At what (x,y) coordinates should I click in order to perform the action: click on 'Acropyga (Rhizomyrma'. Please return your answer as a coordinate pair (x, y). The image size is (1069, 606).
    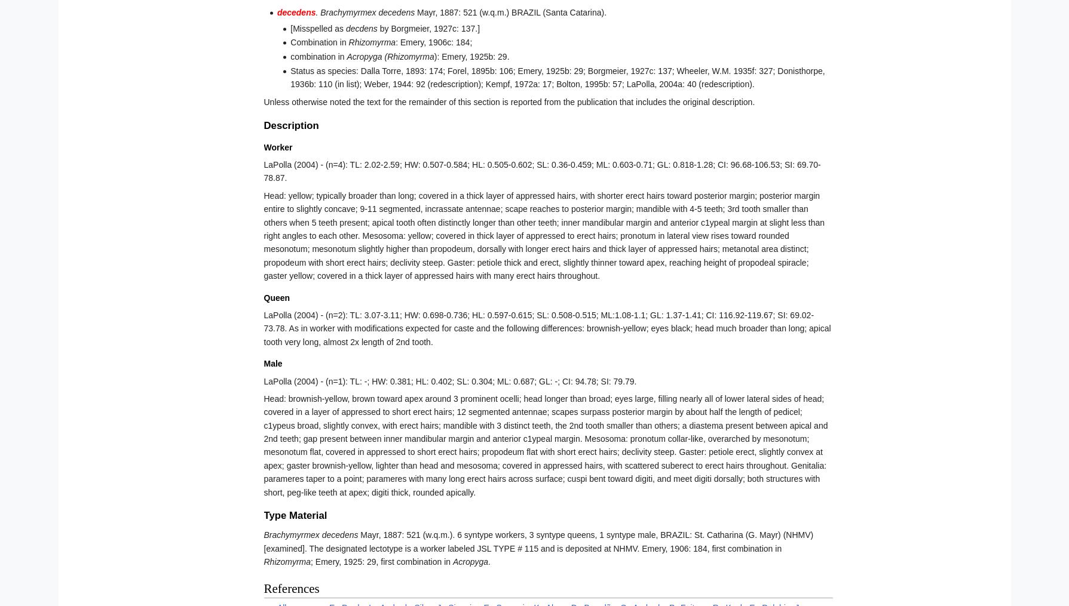
    Looking at the image, I should click on (390, 57).